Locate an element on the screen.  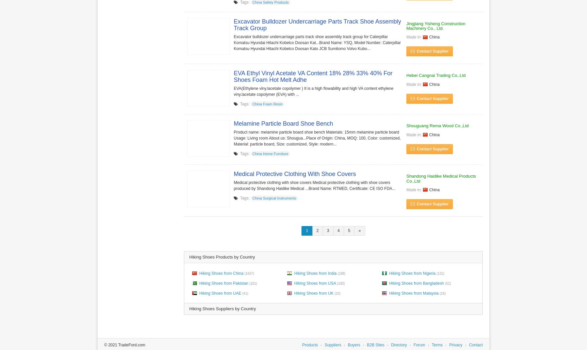
'Hiking Shoes from USA' is located at coordinates (314, 283).